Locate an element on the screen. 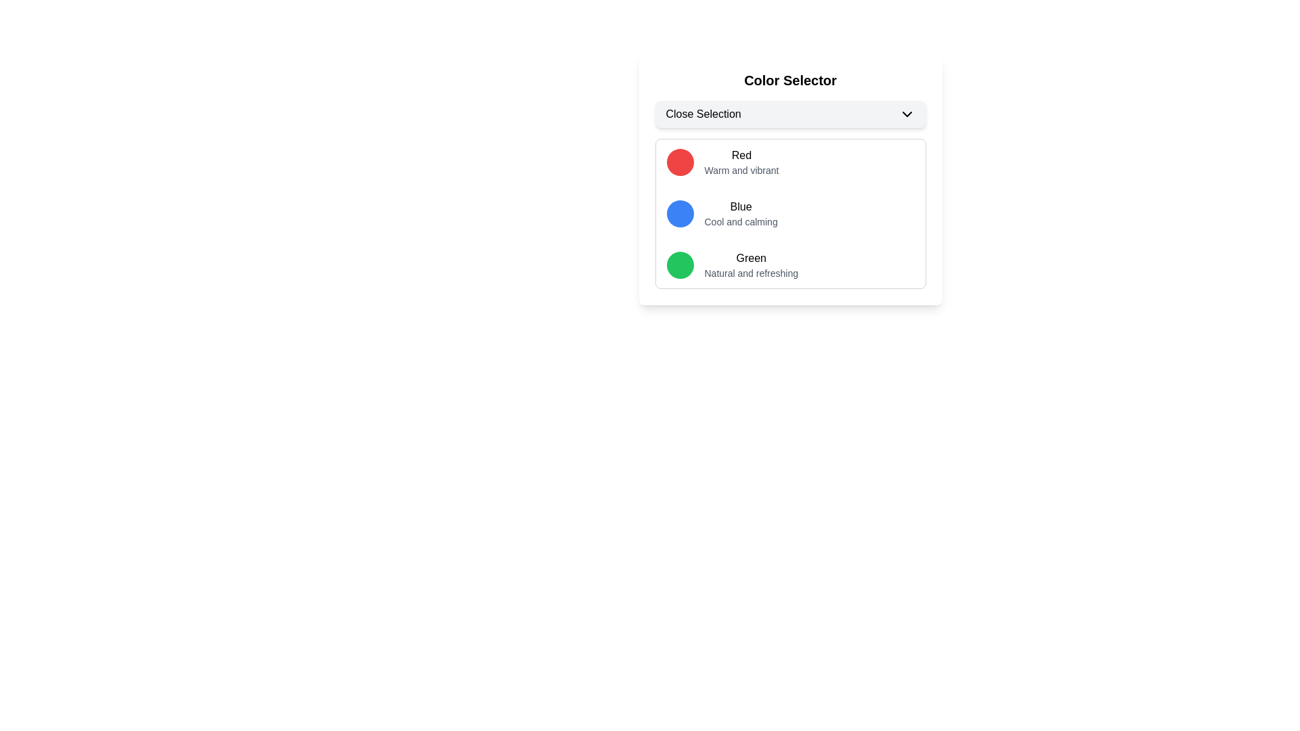 The height and width of the screenshot is (731, 1300). the selectable list item representing the color blue is located at coordinates (790, 213).